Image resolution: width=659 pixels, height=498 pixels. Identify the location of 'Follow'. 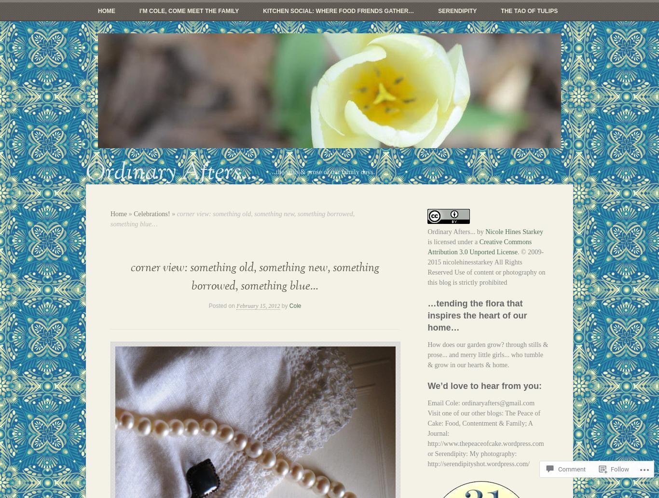
(619, 469).